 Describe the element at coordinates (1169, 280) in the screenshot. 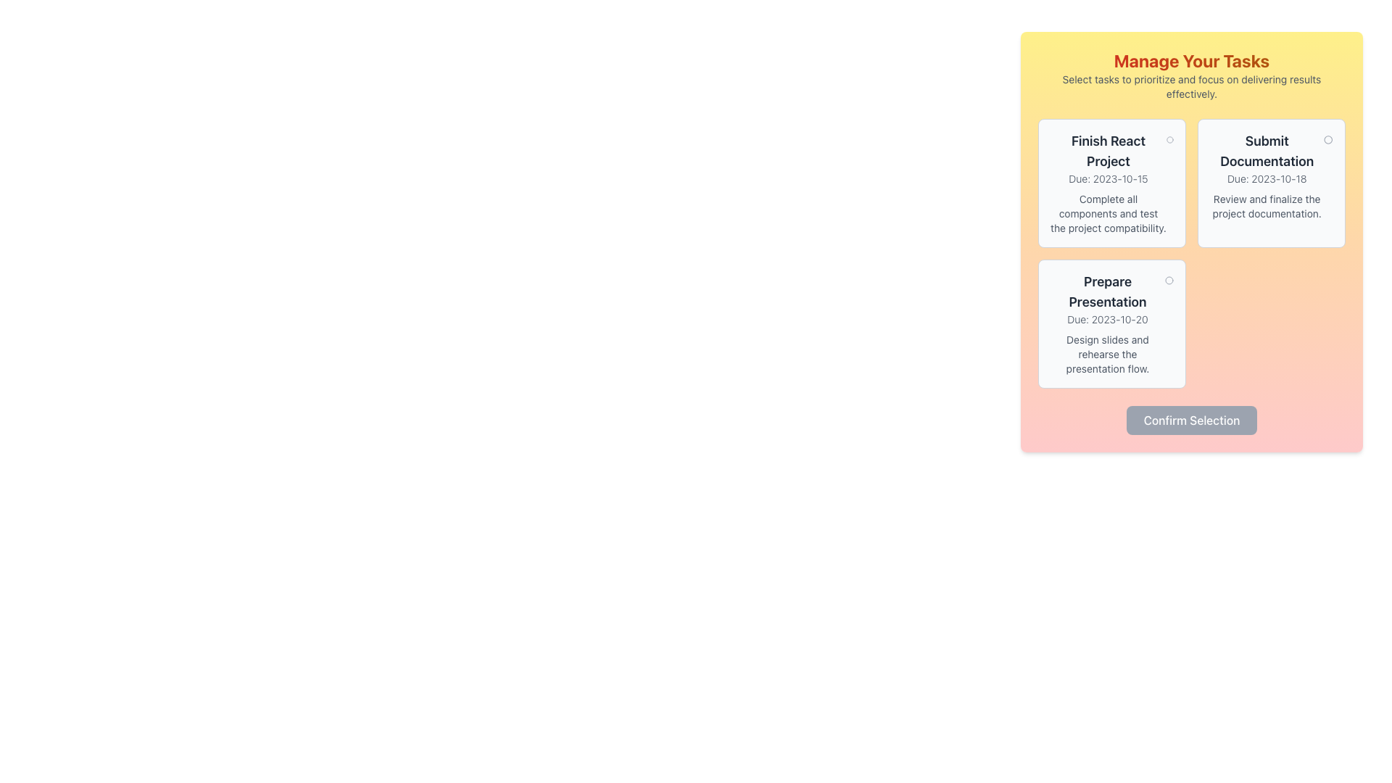

I see `the status indicator icon for the 'Prepare Presentation' task, located at the top right corner of the card's boundary` at that location.